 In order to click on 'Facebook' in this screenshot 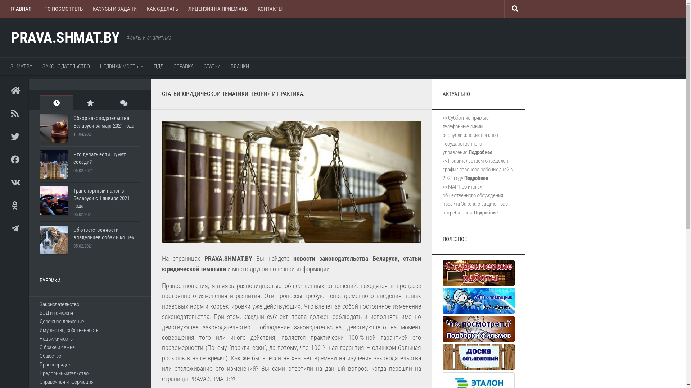, I will do `click(14, 159)`.